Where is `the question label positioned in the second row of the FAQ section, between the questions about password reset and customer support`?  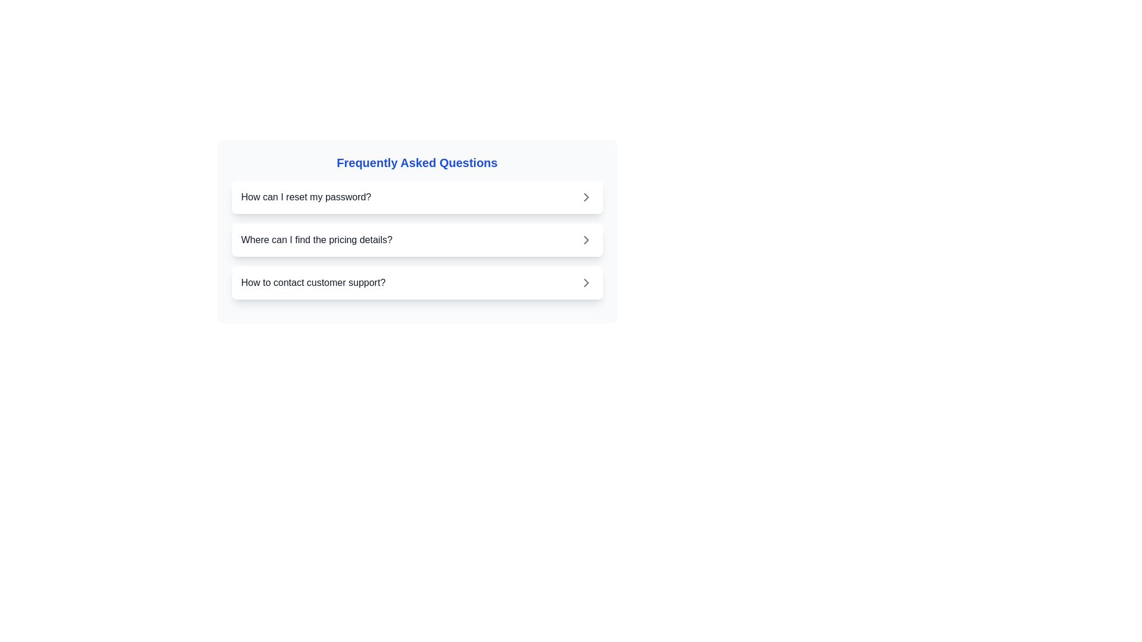
the question label positioned in the second row of the FAQ section, between the questions about password reset and customer support is located at coordinates (316, 240).